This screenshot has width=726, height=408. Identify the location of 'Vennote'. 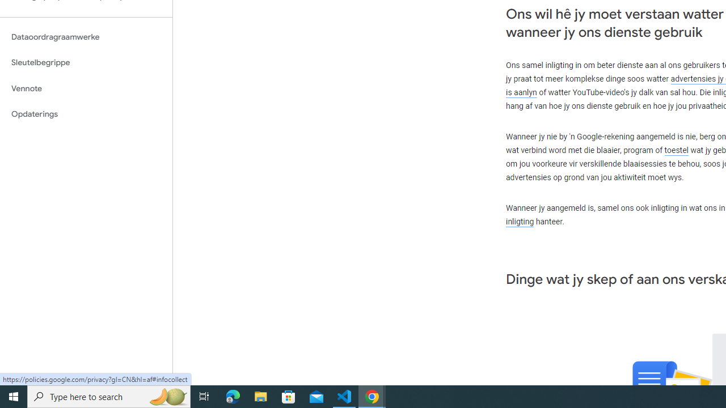
(86, 88).